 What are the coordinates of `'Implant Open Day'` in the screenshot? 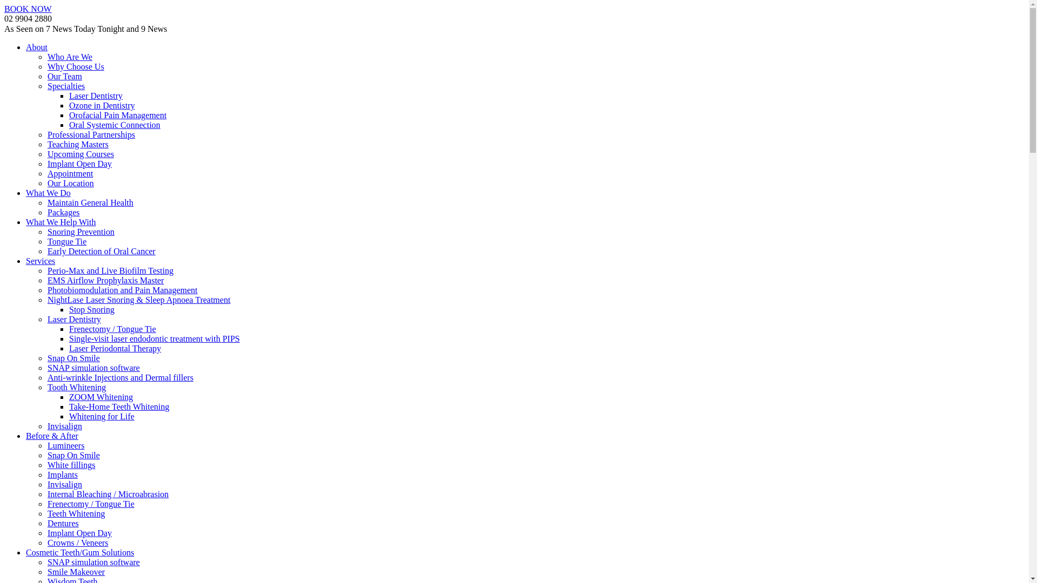 It's located at (79, 532).